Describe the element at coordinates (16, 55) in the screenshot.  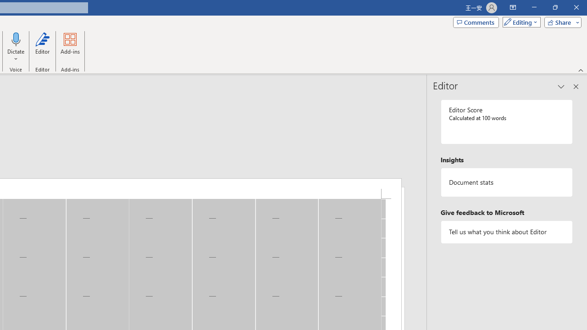
I see `'More Options'` at that location.